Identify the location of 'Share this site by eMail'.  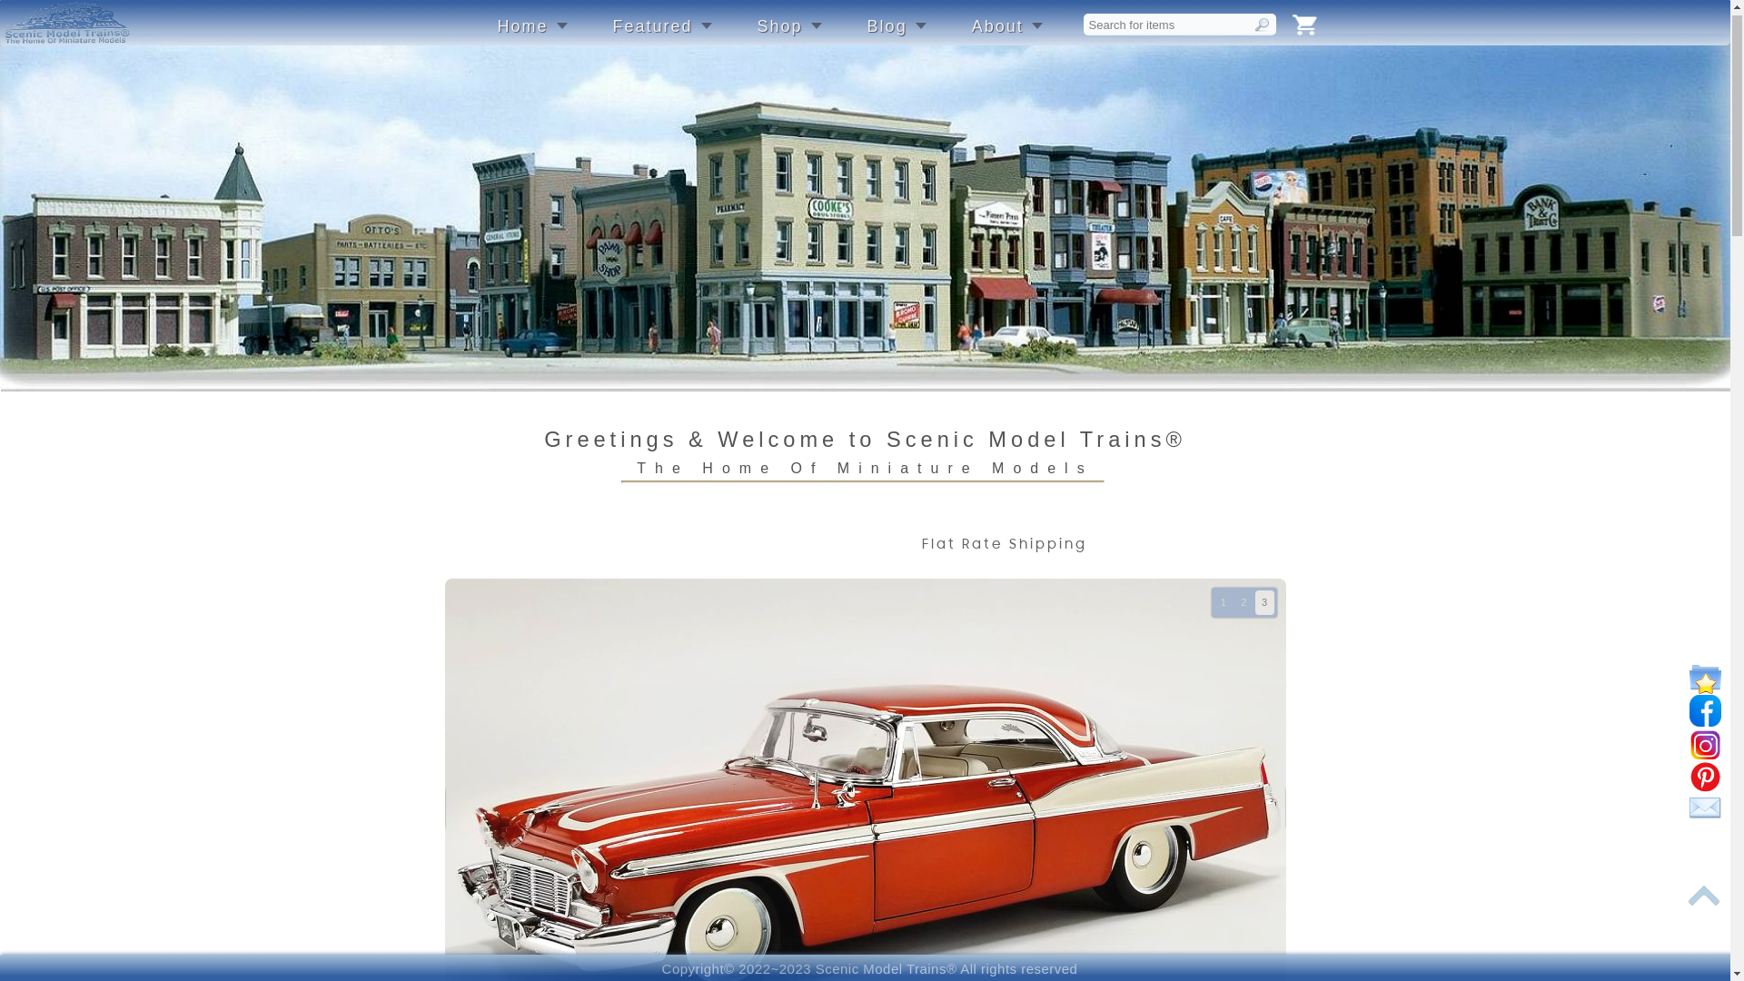
(1704, 817).